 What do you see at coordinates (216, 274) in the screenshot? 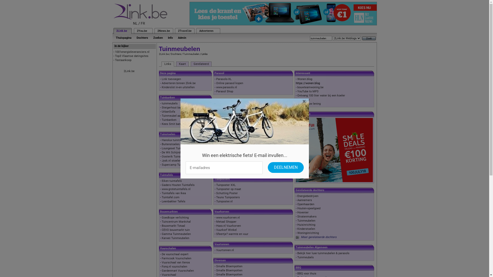
I see `'Smalle Bloempotten'` at bounding box center [216, 274].